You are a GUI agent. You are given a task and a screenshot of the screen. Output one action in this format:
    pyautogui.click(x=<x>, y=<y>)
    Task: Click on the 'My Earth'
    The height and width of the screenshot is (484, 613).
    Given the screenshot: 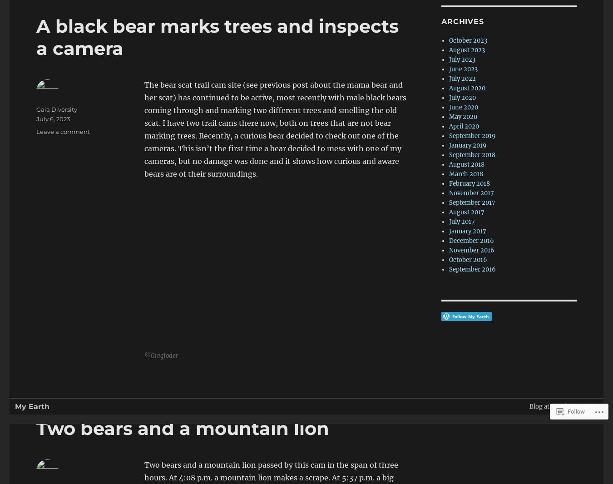 What is the action you would take?
    pyautogui.click(x=32, y=406)
    